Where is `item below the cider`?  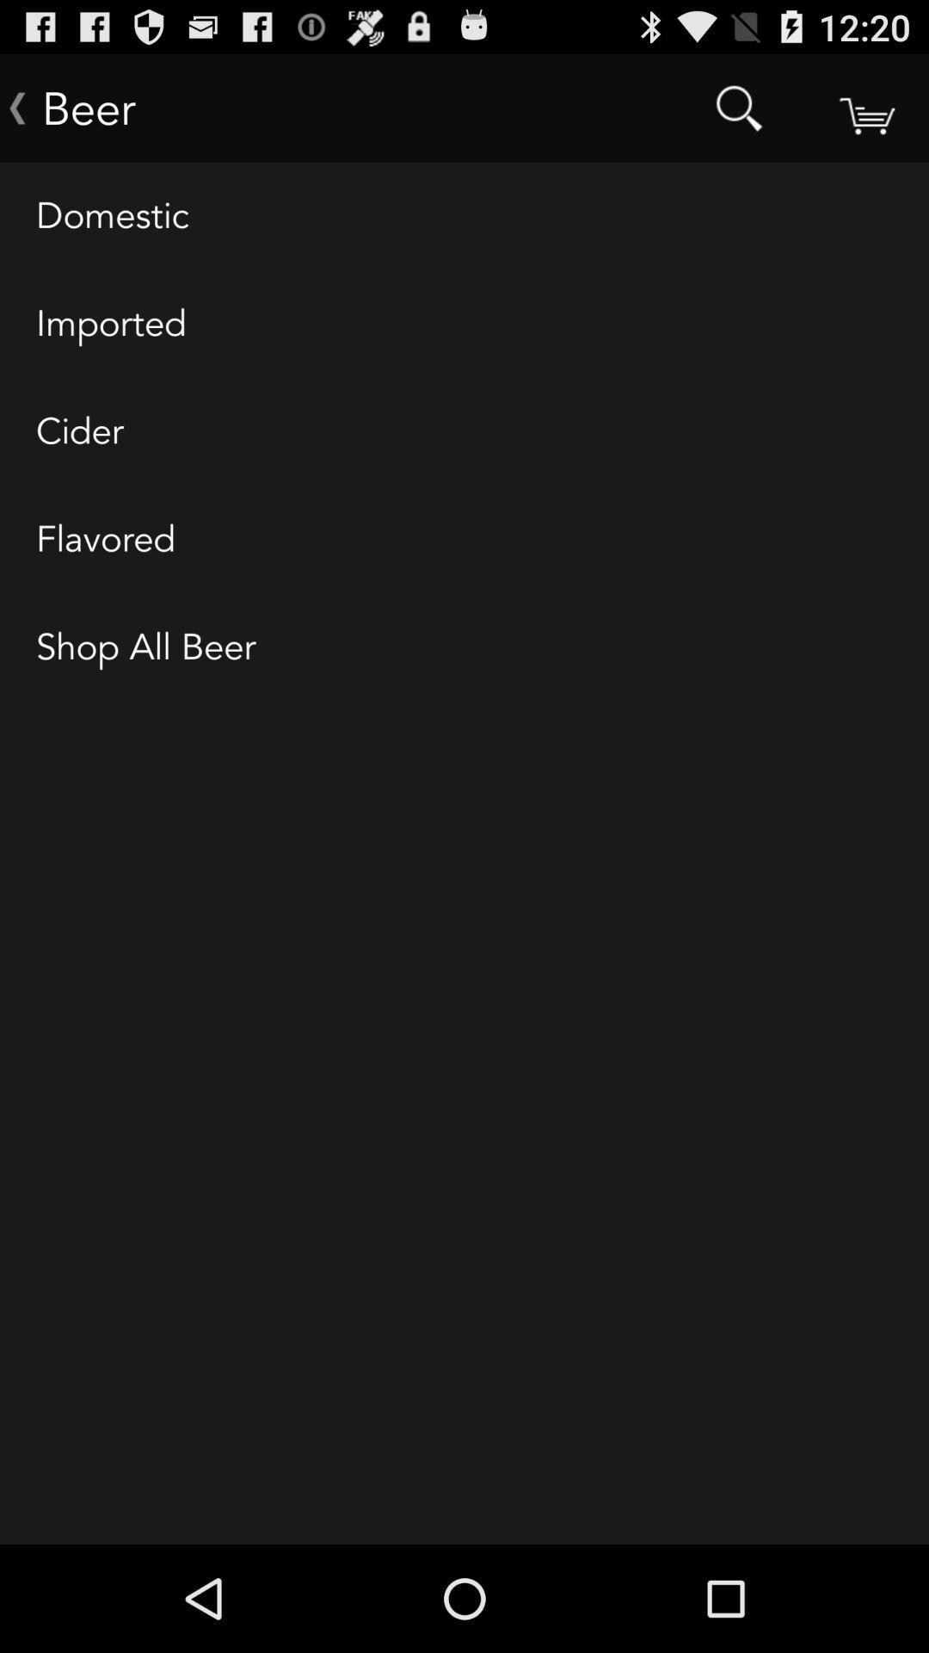
item below the cider is located at coordinates (464, 539).